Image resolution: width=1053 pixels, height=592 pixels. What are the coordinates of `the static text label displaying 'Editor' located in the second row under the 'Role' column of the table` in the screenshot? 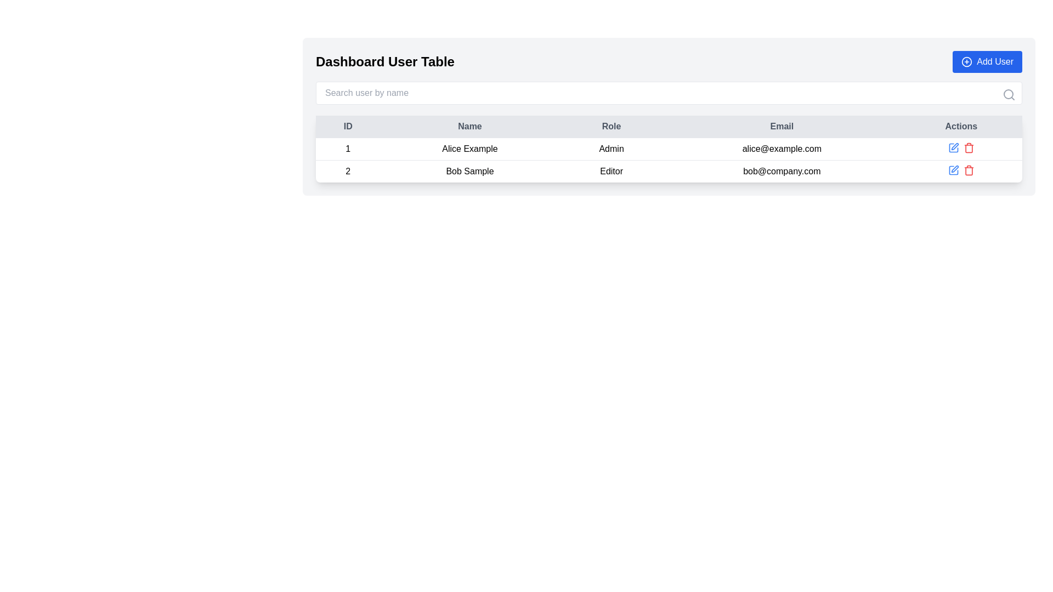 It's located at (611, 171).